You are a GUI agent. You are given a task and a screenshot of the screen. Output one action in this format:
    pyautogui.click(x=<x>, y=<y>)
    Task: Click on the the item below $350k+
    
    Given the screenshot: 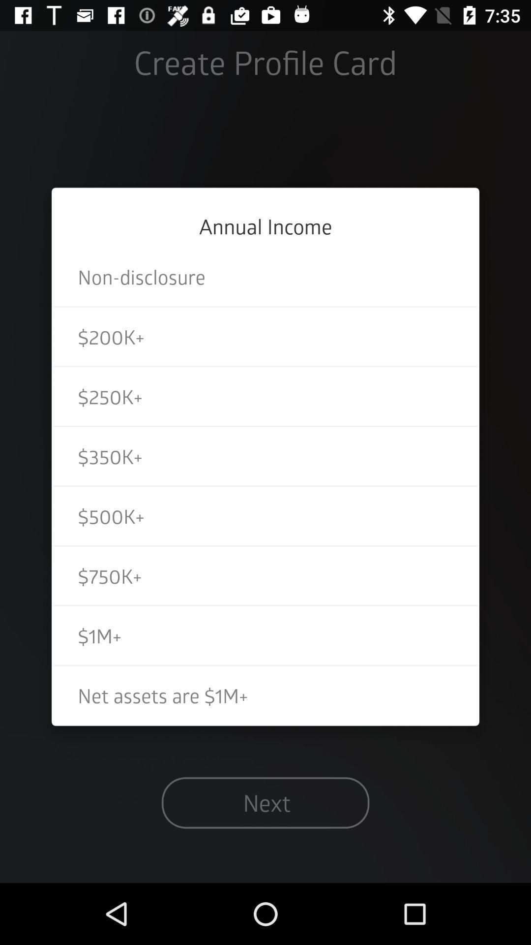 What is the action you would take?
    pyautogui.click(x=265, y=515)
    